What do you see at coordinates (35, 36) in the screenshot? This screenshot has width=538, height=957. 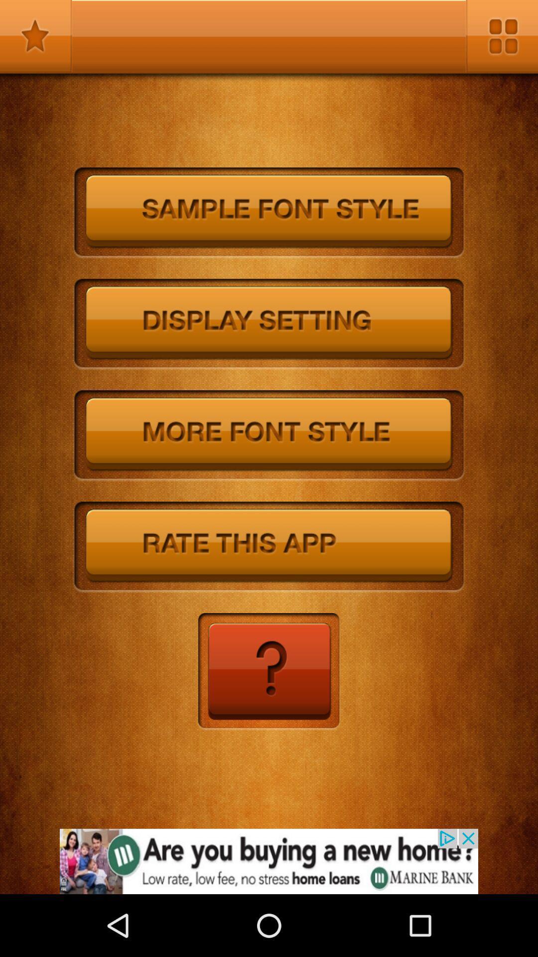 I see `to favorites` at bounding box center [35, 36].